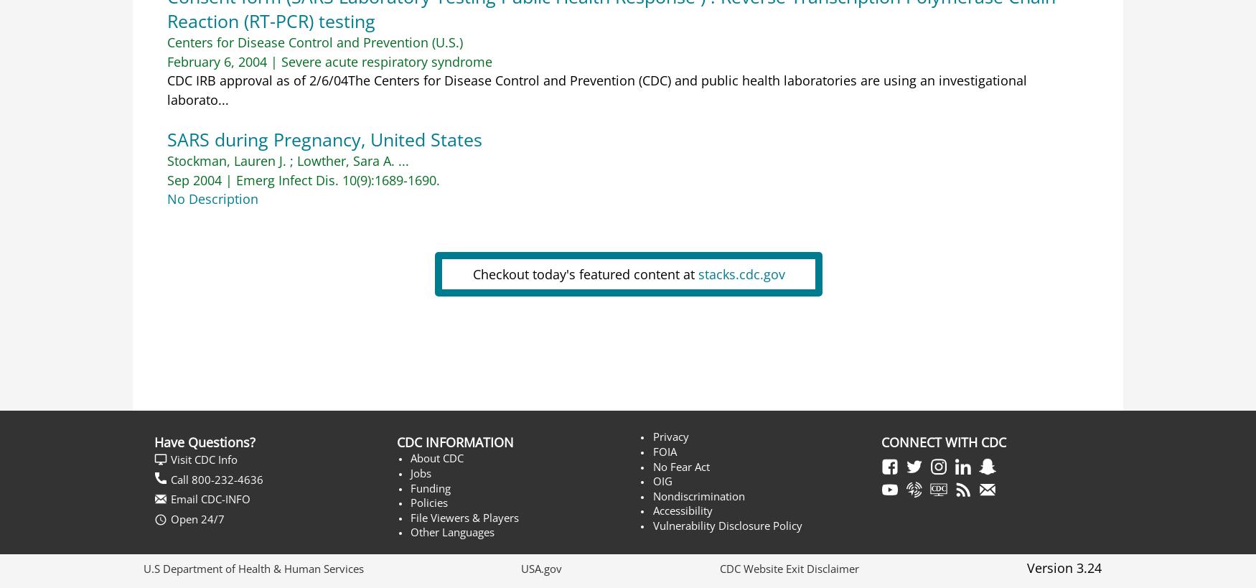 The height and width of the screenshot is (588, 1256). I want to click on 'No Fear Act', so click(651, 465).